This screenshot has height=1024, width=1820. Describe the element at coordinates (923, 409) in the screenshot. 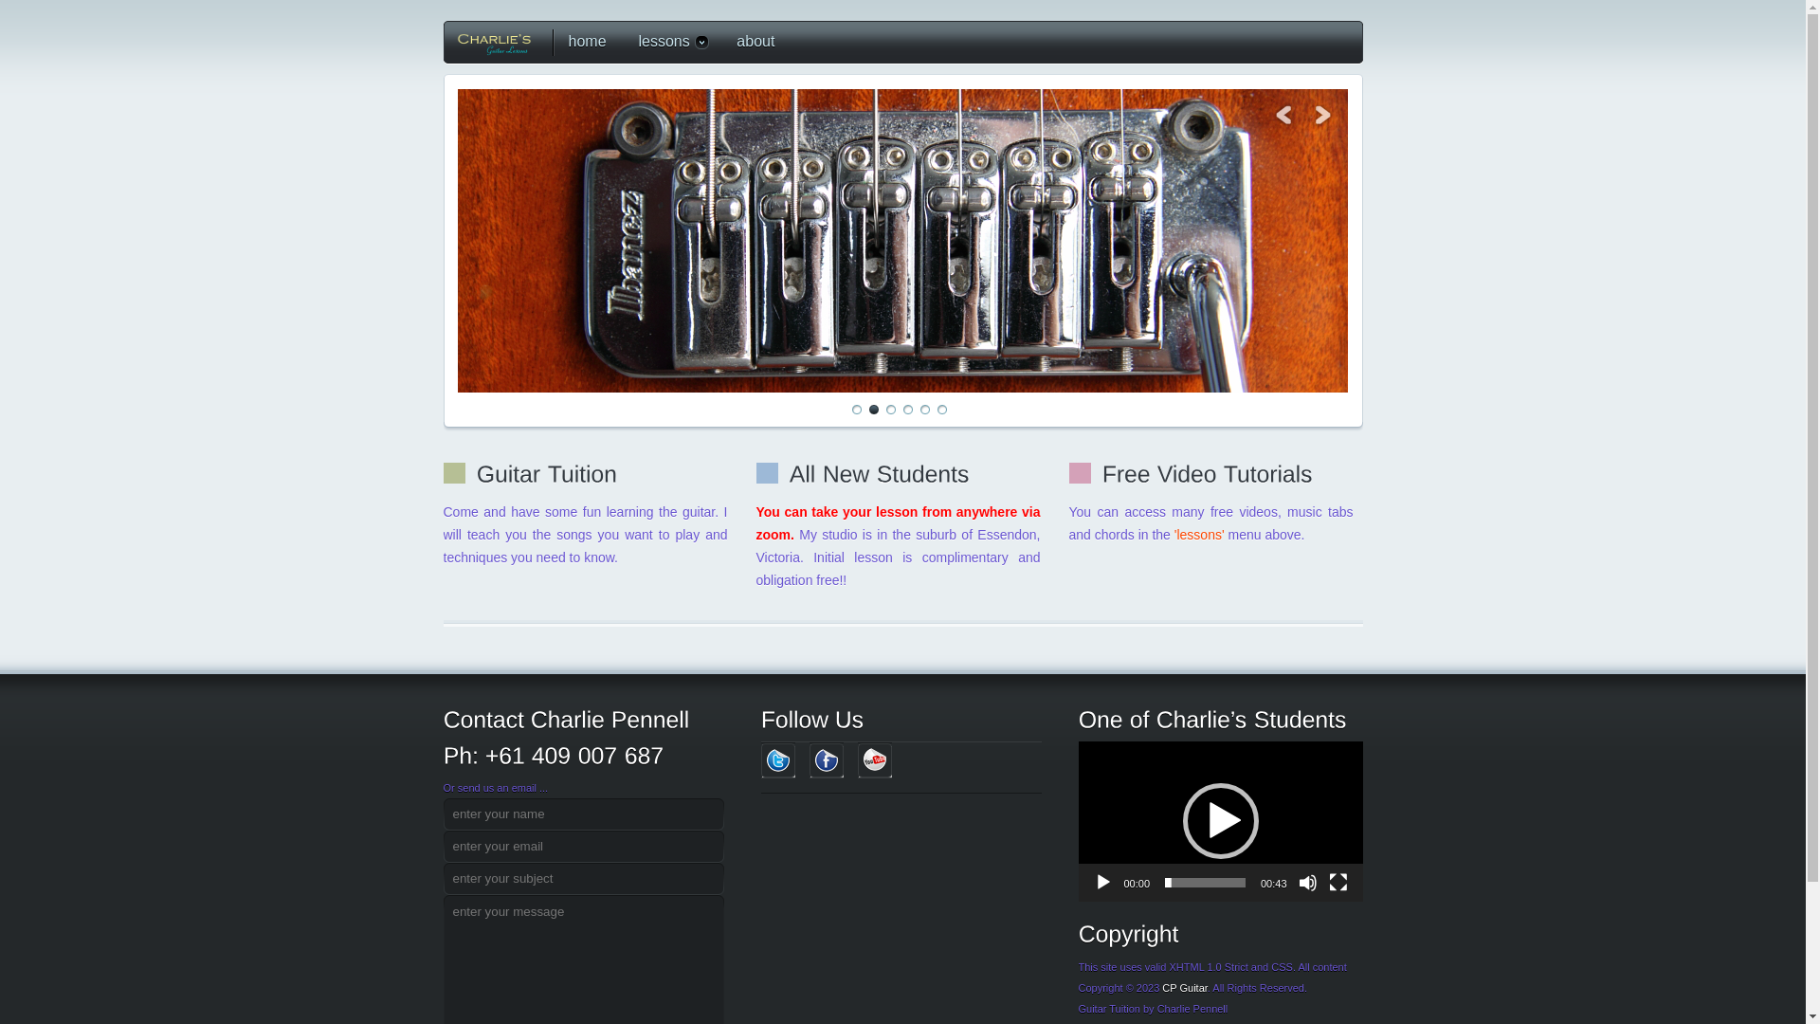

I see `'5'` at that location.